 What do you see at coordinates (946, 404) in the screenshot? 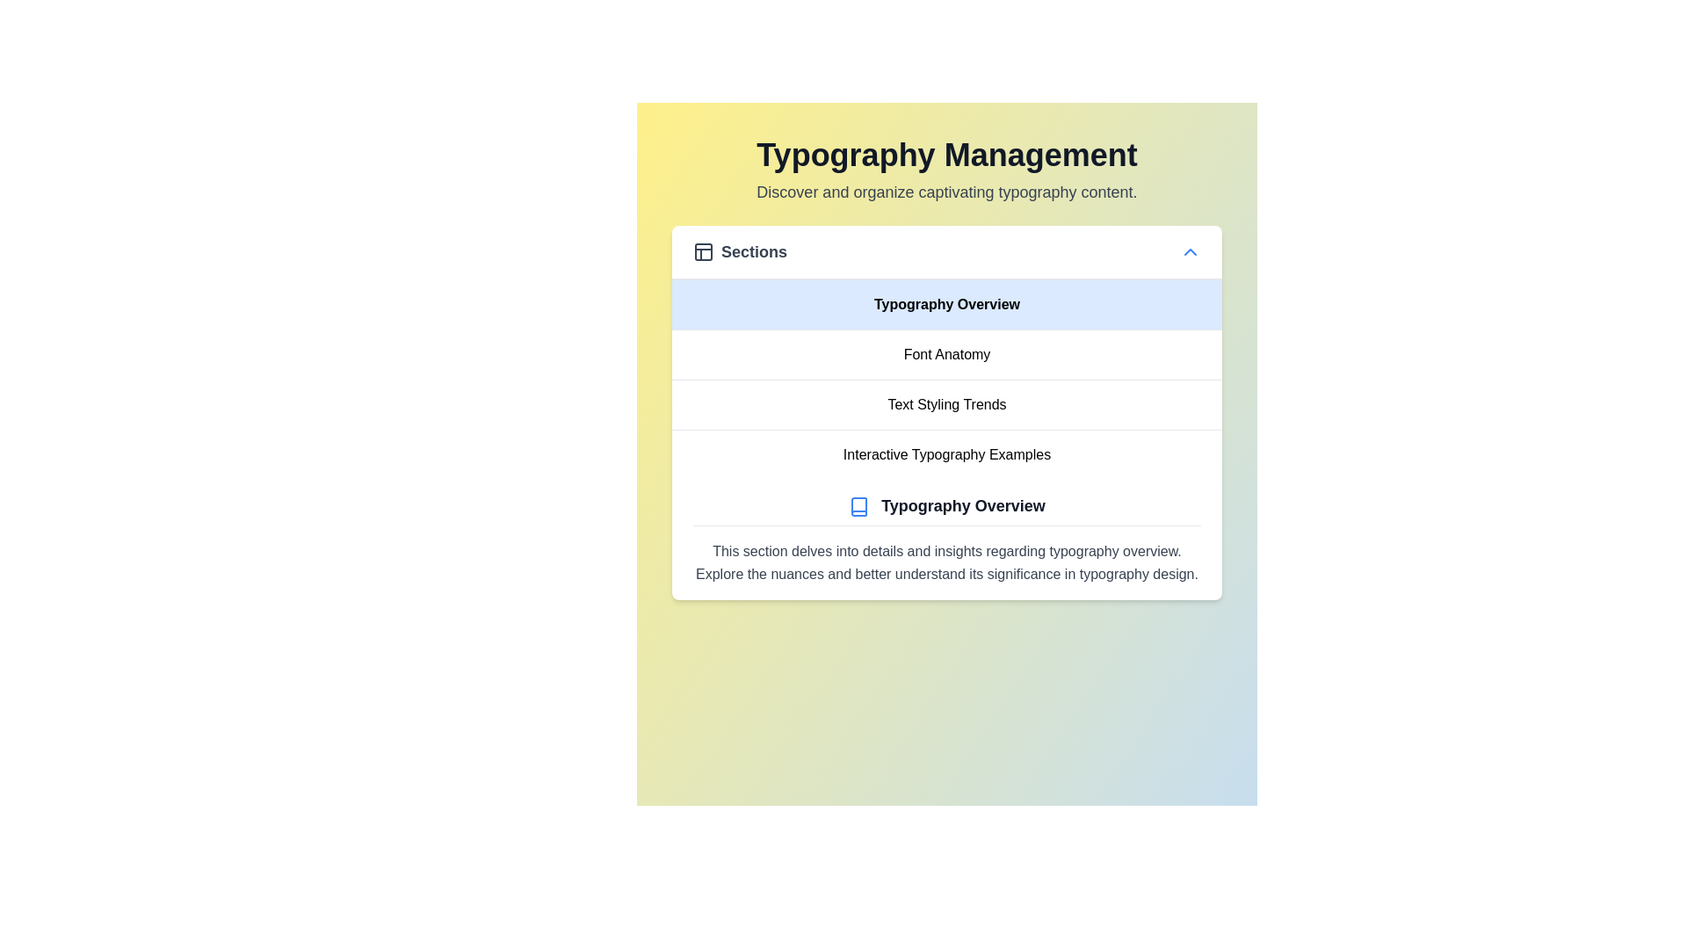
I see `the Label indicating a textual topic or subsection within the interface, which is the third item in the 'Sections' list, positioned below 'Font Anatomy' and above 'Interactive Typography Examples'` at bounding box center [946, 404].